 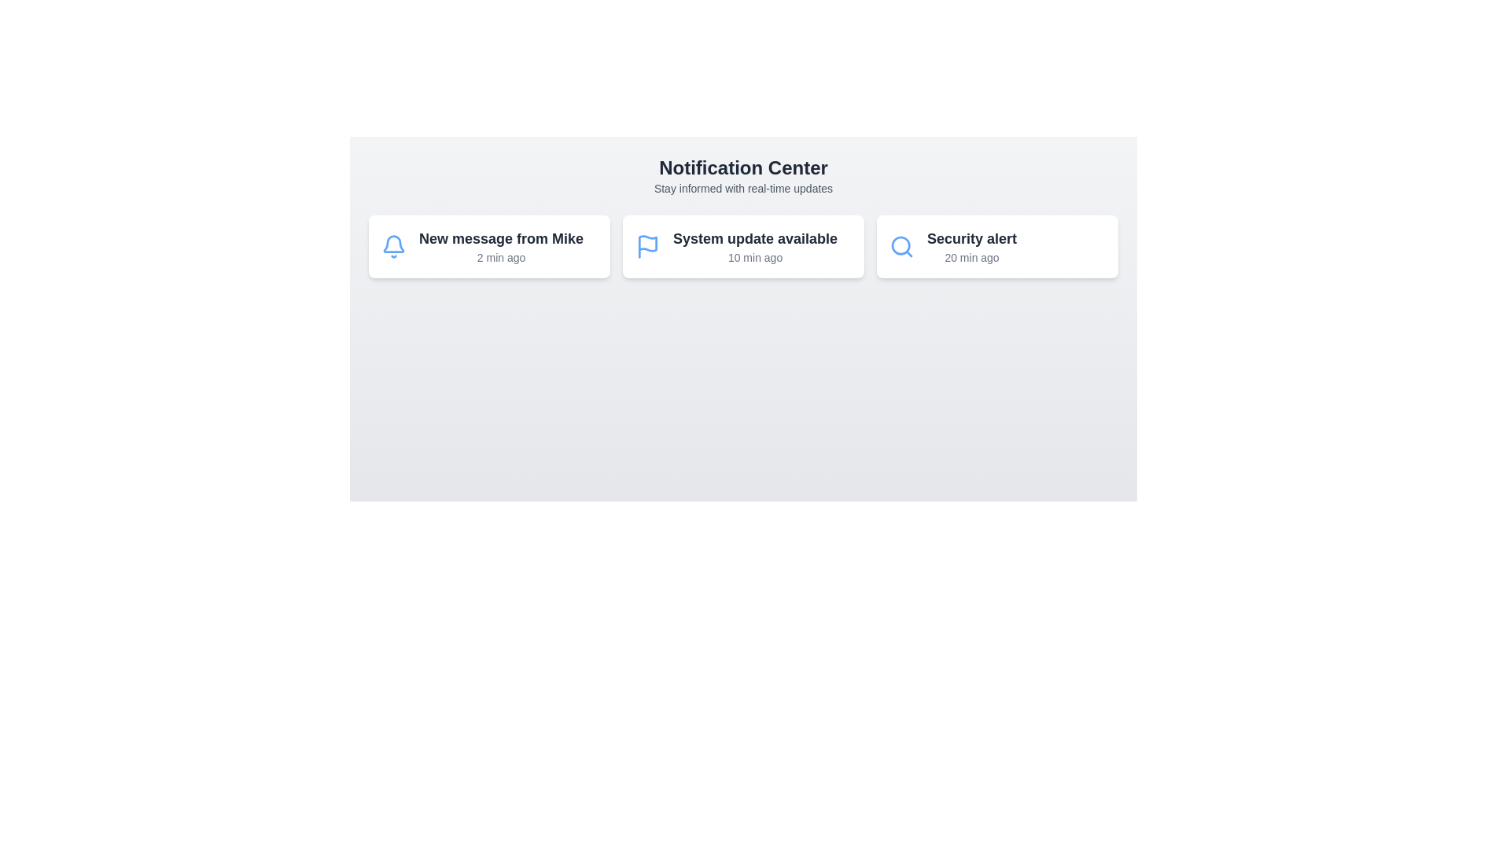 I want to click on the blue bell-shaped notification icon located on the left side of the first card in the notification center interface, next to the text 'New message from Mike' and '2 min ago', so click(x=393, y=246).